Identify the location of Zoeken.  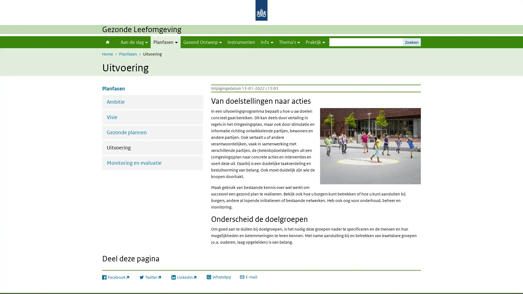
(412, 42).